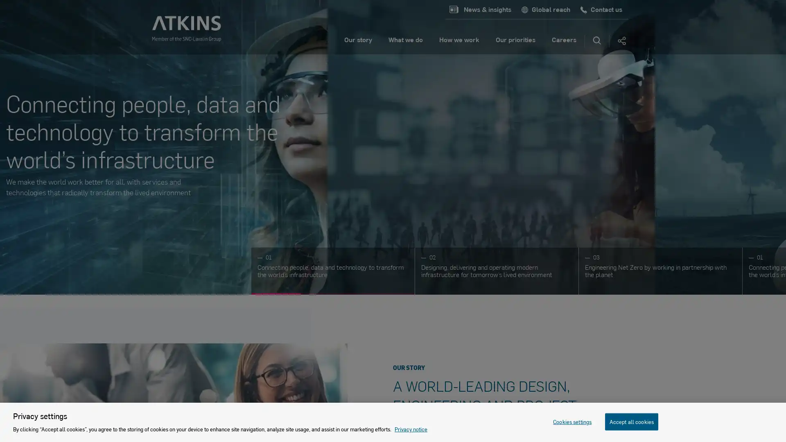  What do you see at coordinates (571, 421) in the screenshot?
I see `Cookies settings` at bounding box center [571, 421].